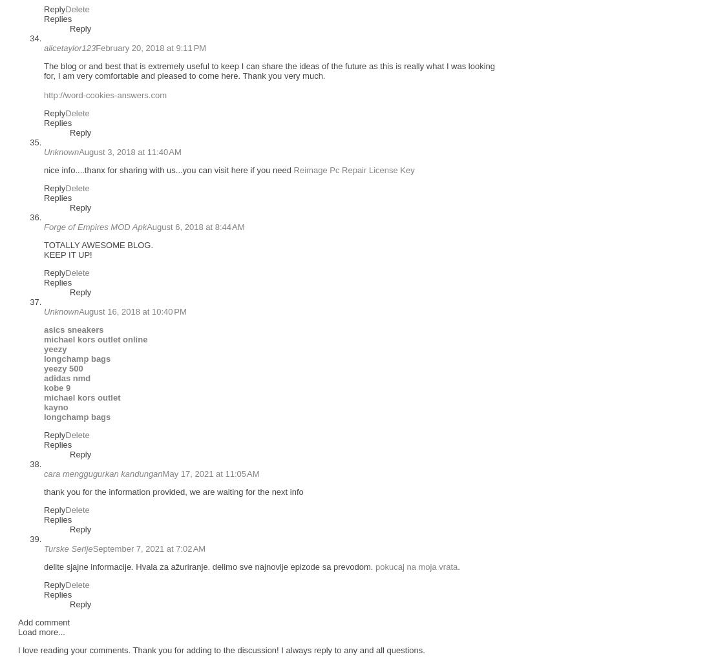 The width and height of the screenshot is (716, 670). Describe the element at coordinates (132, 311) in the screenshot. I see `'August 16, 2018 at 10:40 PM'` at that location.